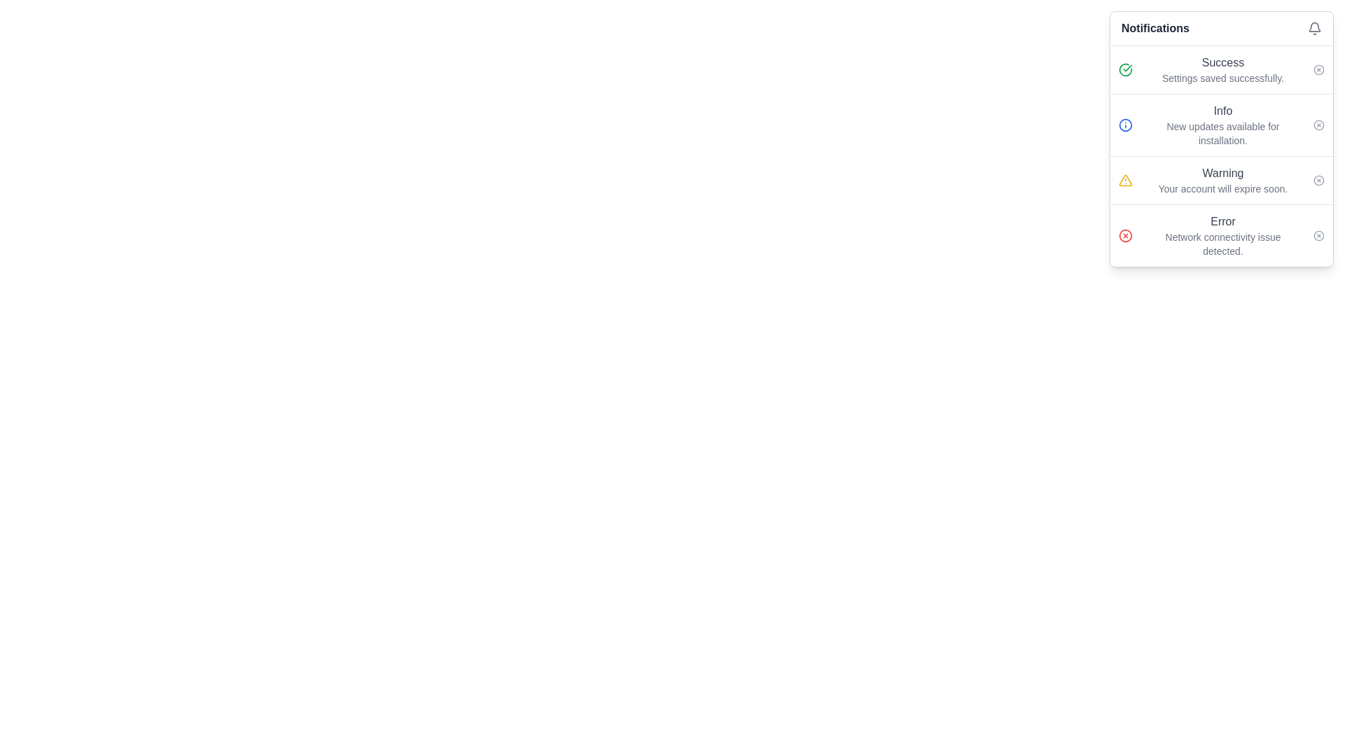 This screenshot has width=1345, height=756. What do you see at coordinates (1222, 243) in the screenshot?
I see `the descriptive text label indicating a network connectivity issue located in the 'Error' section of the notification panel, positioned as the second line below the 'Error' label` at bounding box center [1222, 243].